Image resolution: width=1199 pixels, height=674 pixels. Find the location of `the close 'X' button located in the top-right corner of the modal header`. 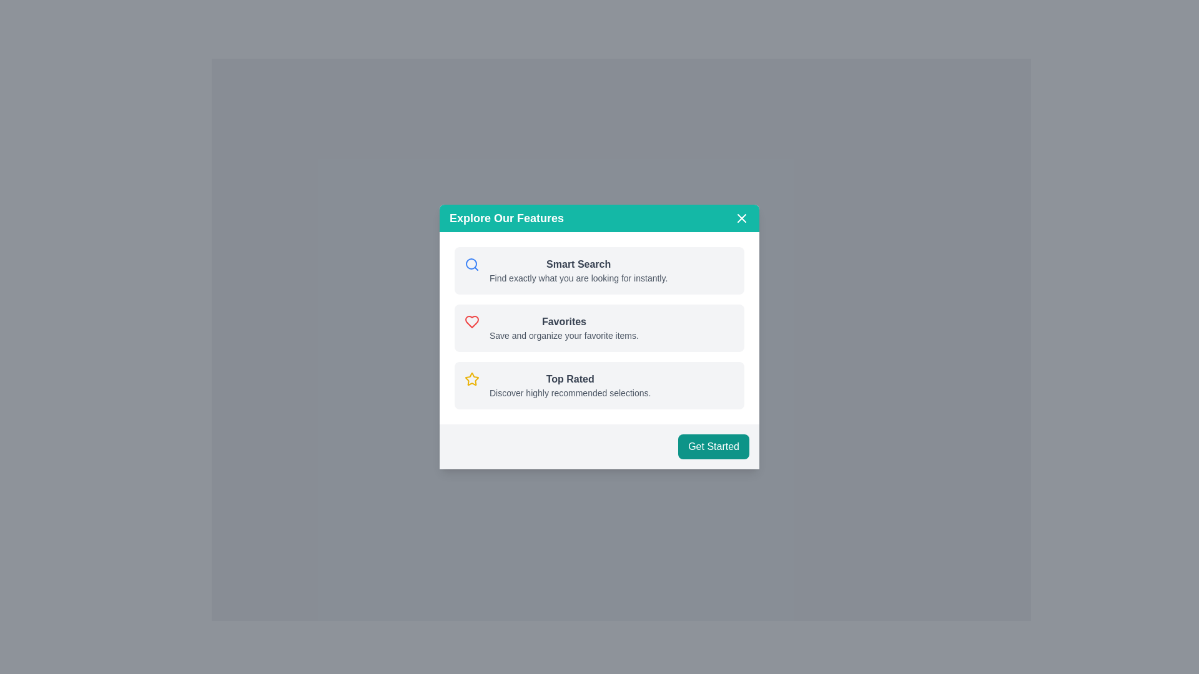

the close 'X' button located in the top-right corner of the modal header is located at coordinates (742, 218).